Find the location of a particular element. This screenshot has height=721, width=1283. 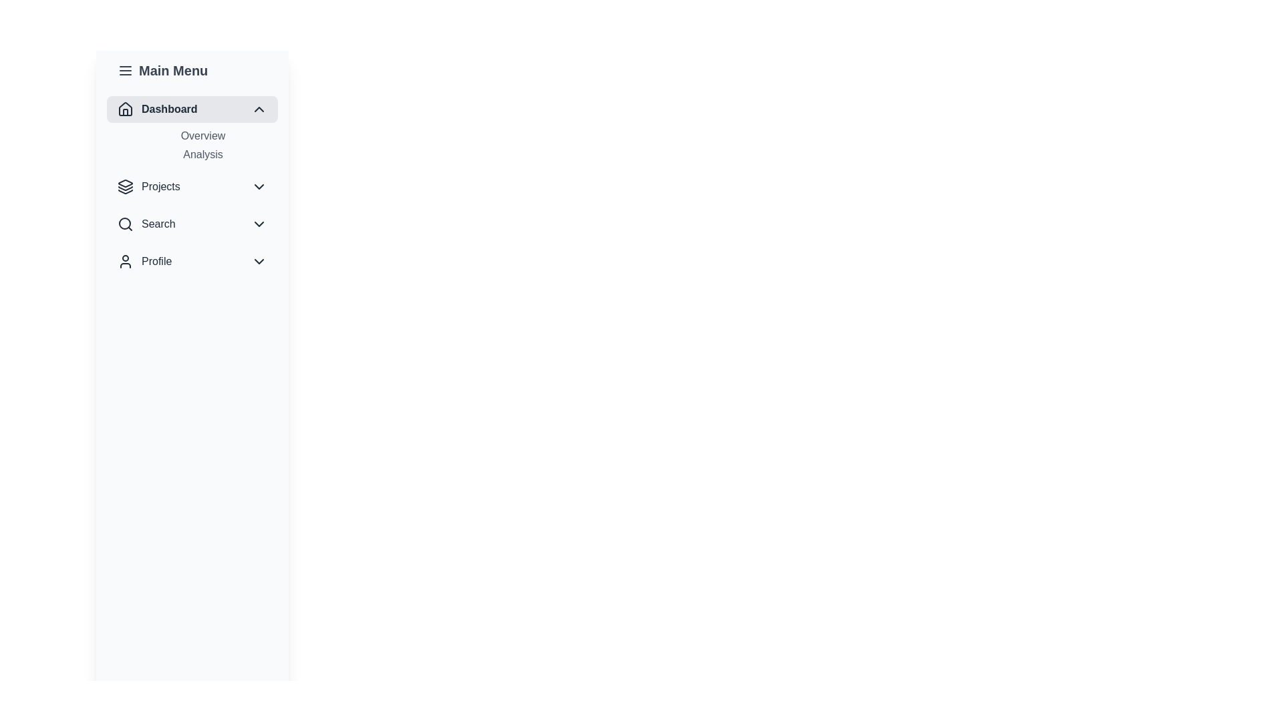

the chevron-down icon next to the 'Search' menu item is located at coordinates (259, 223).